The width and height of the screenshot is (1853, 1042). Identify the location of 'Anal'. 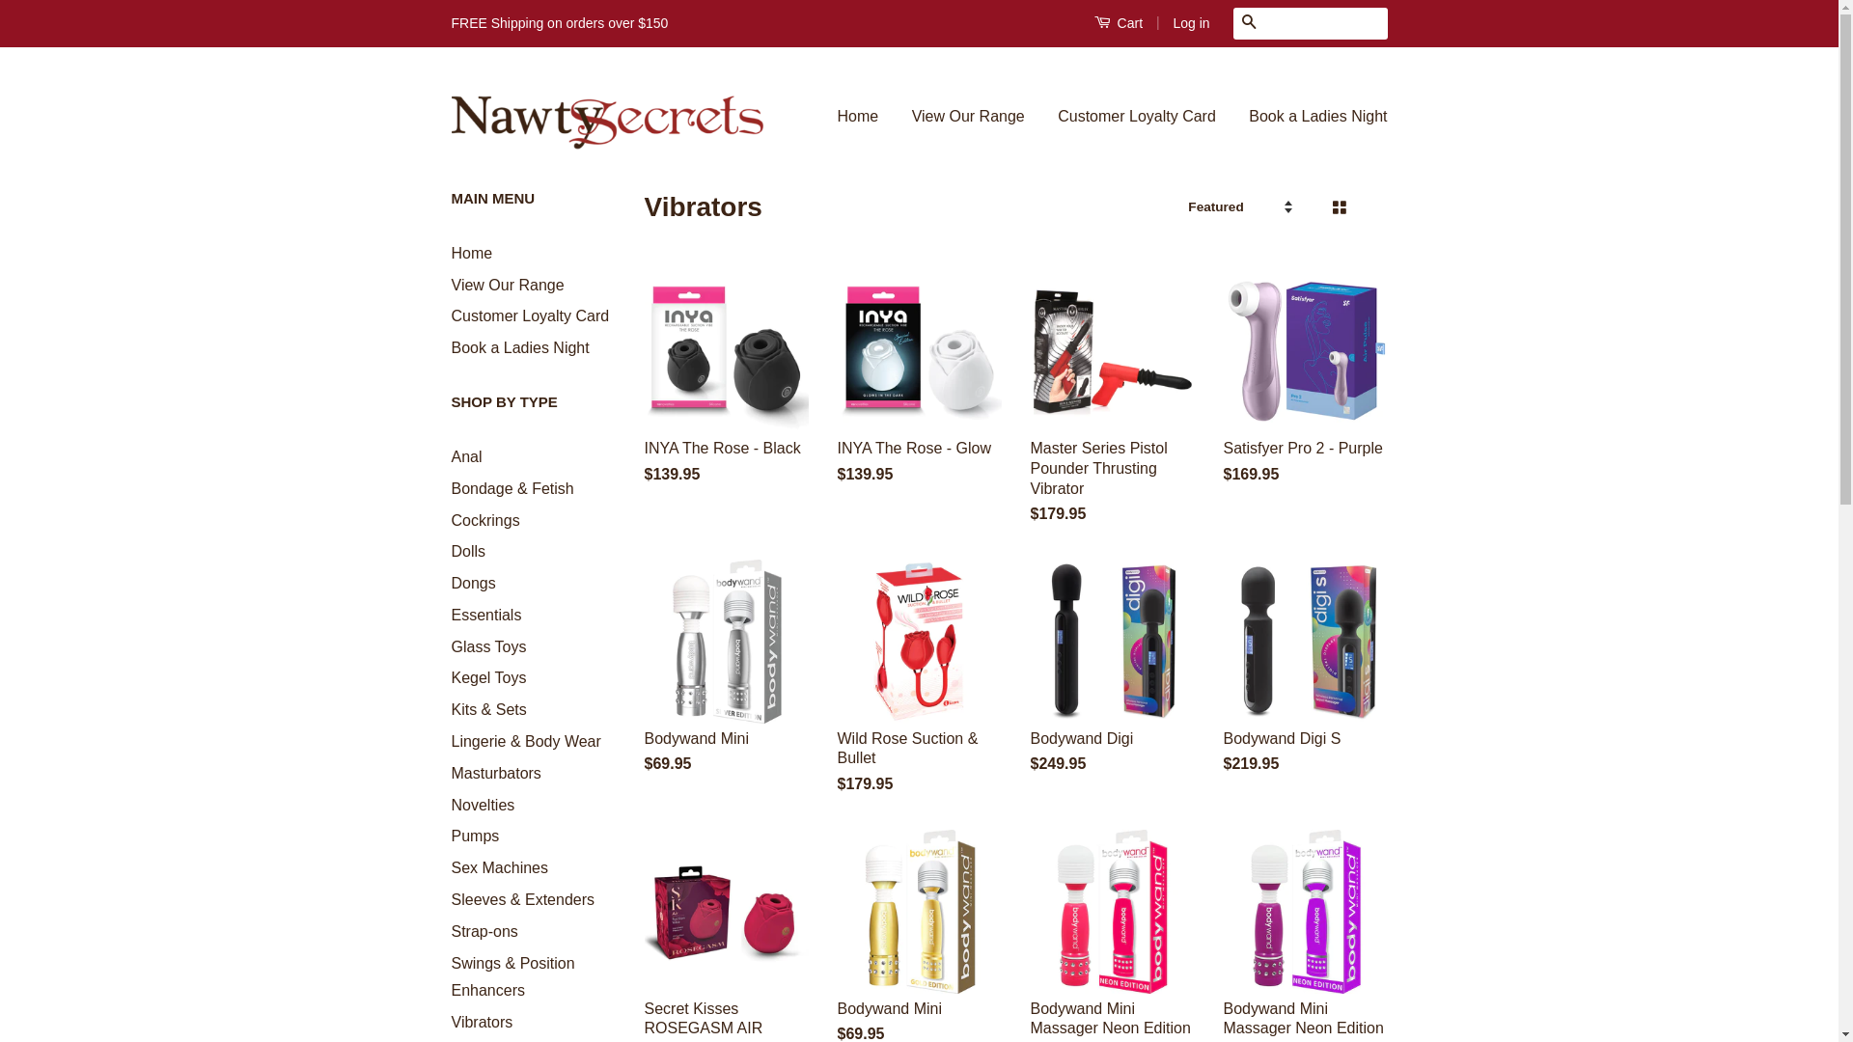
(467, 456).